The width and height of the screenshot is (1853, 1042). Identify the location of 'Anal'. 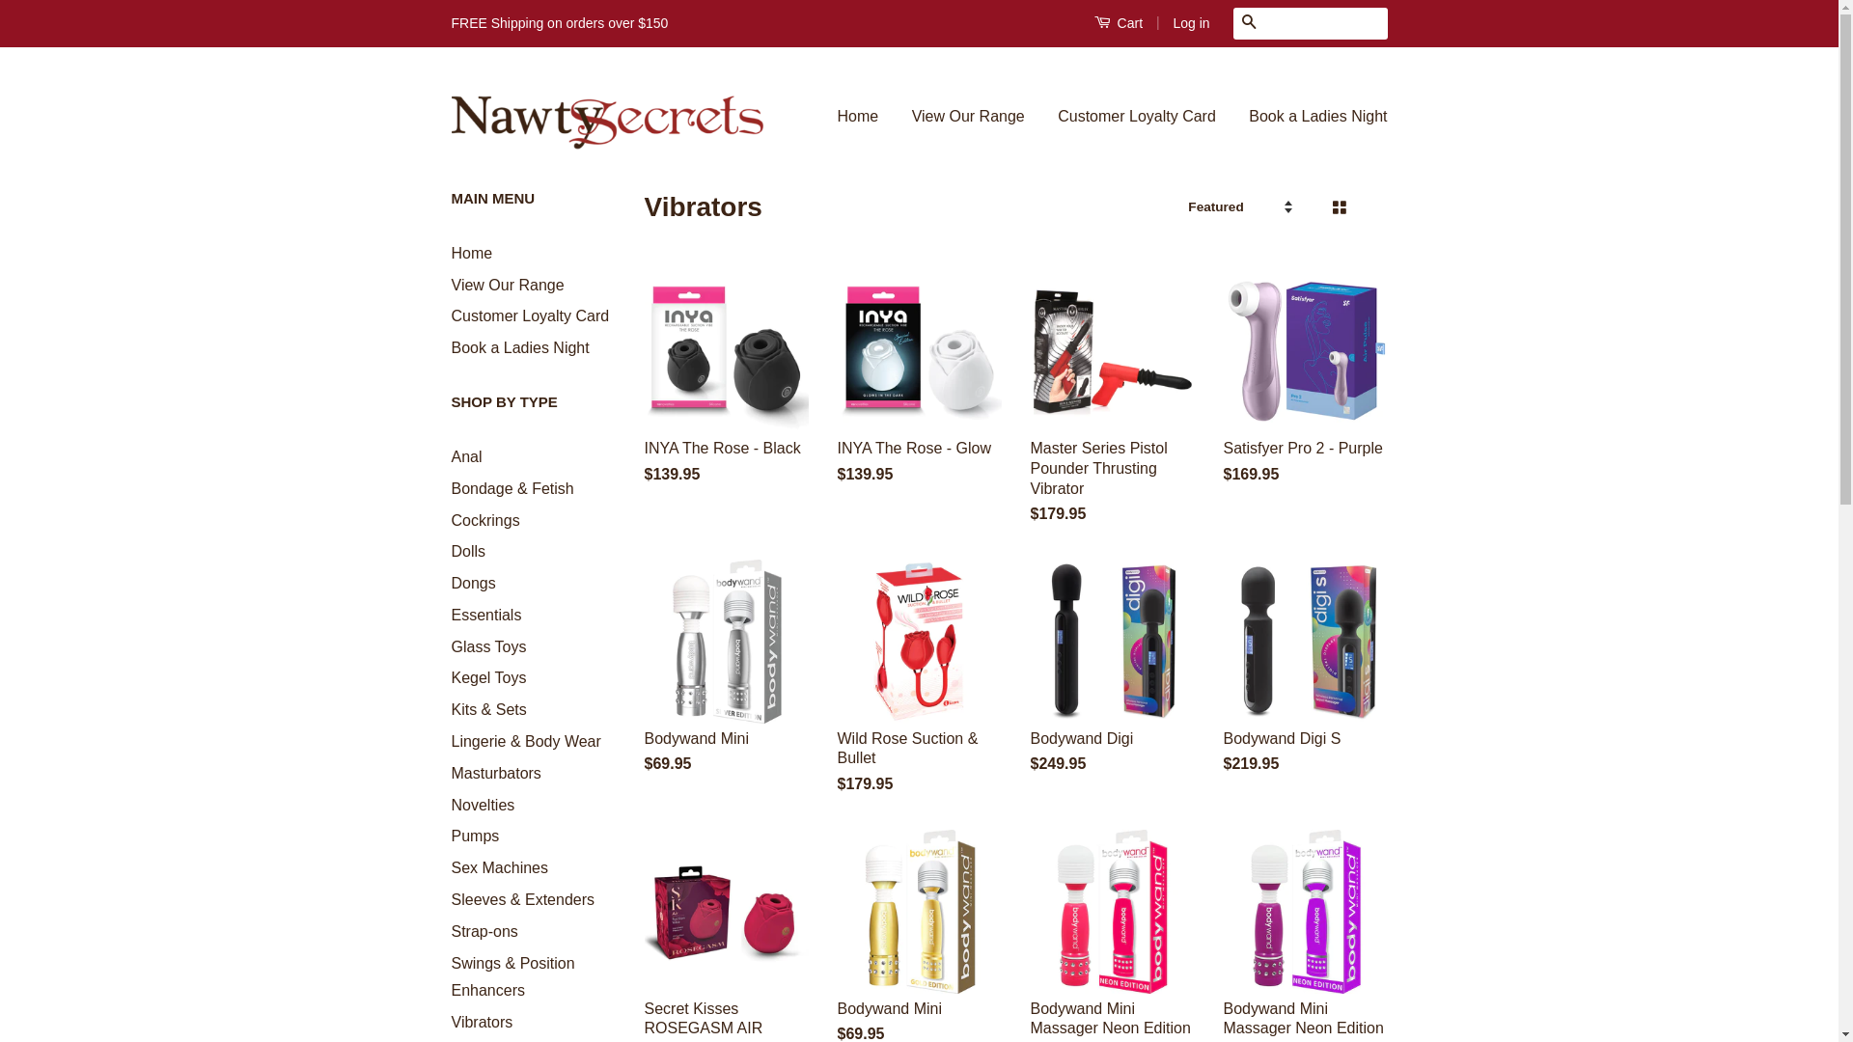
(467, 456).